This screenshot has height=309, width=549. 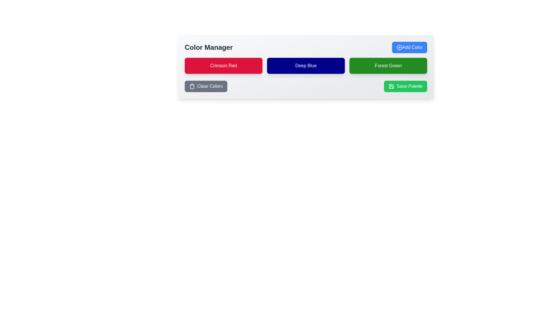 I want to click on the trash bin icon within the 'Clear Colors' button to initiate the clear colors action, so click(x=192, y=86).